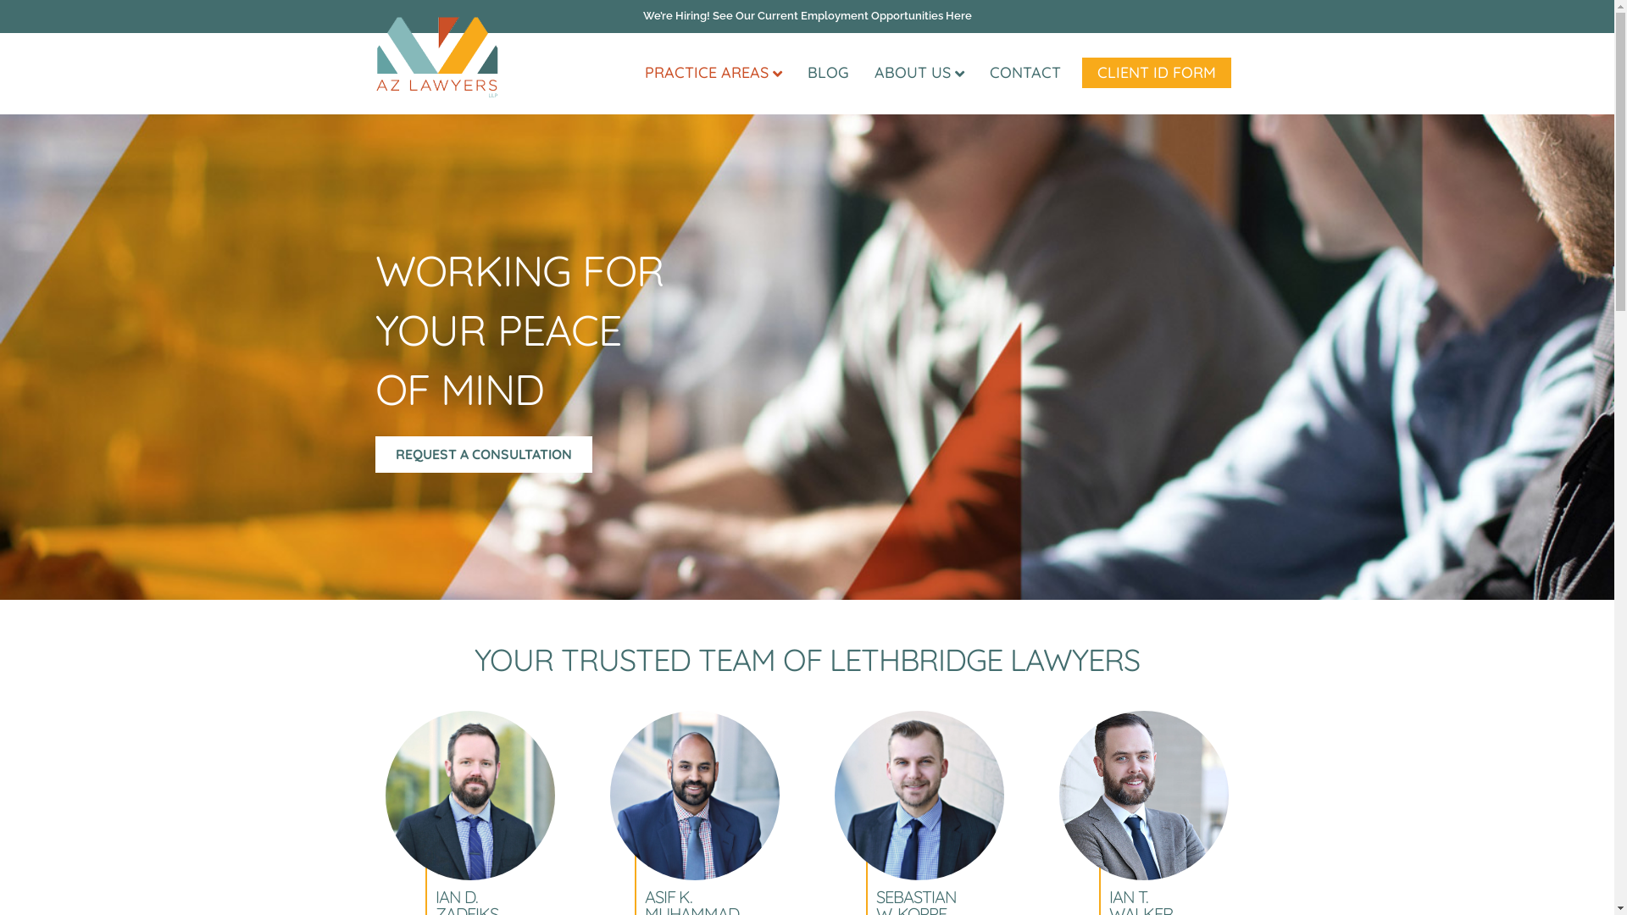 This screenshot has width=1627, height=915. What do you see at coordinates (482, 453) in the screenshot?
I see `'REQUEST A CONSULTATION'` at bounding box center [482, 453].